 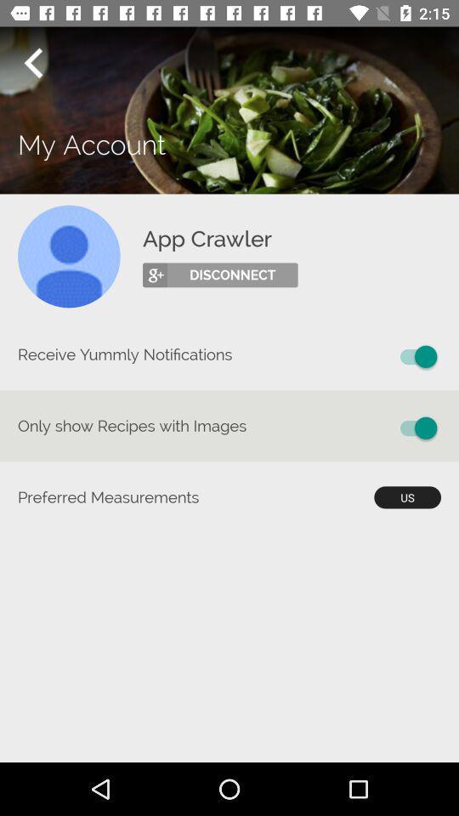 What do you see at coordinates (32, 63) in the screenshot?
I see `the arrow_backward icon` at bounding box center [32, 63].